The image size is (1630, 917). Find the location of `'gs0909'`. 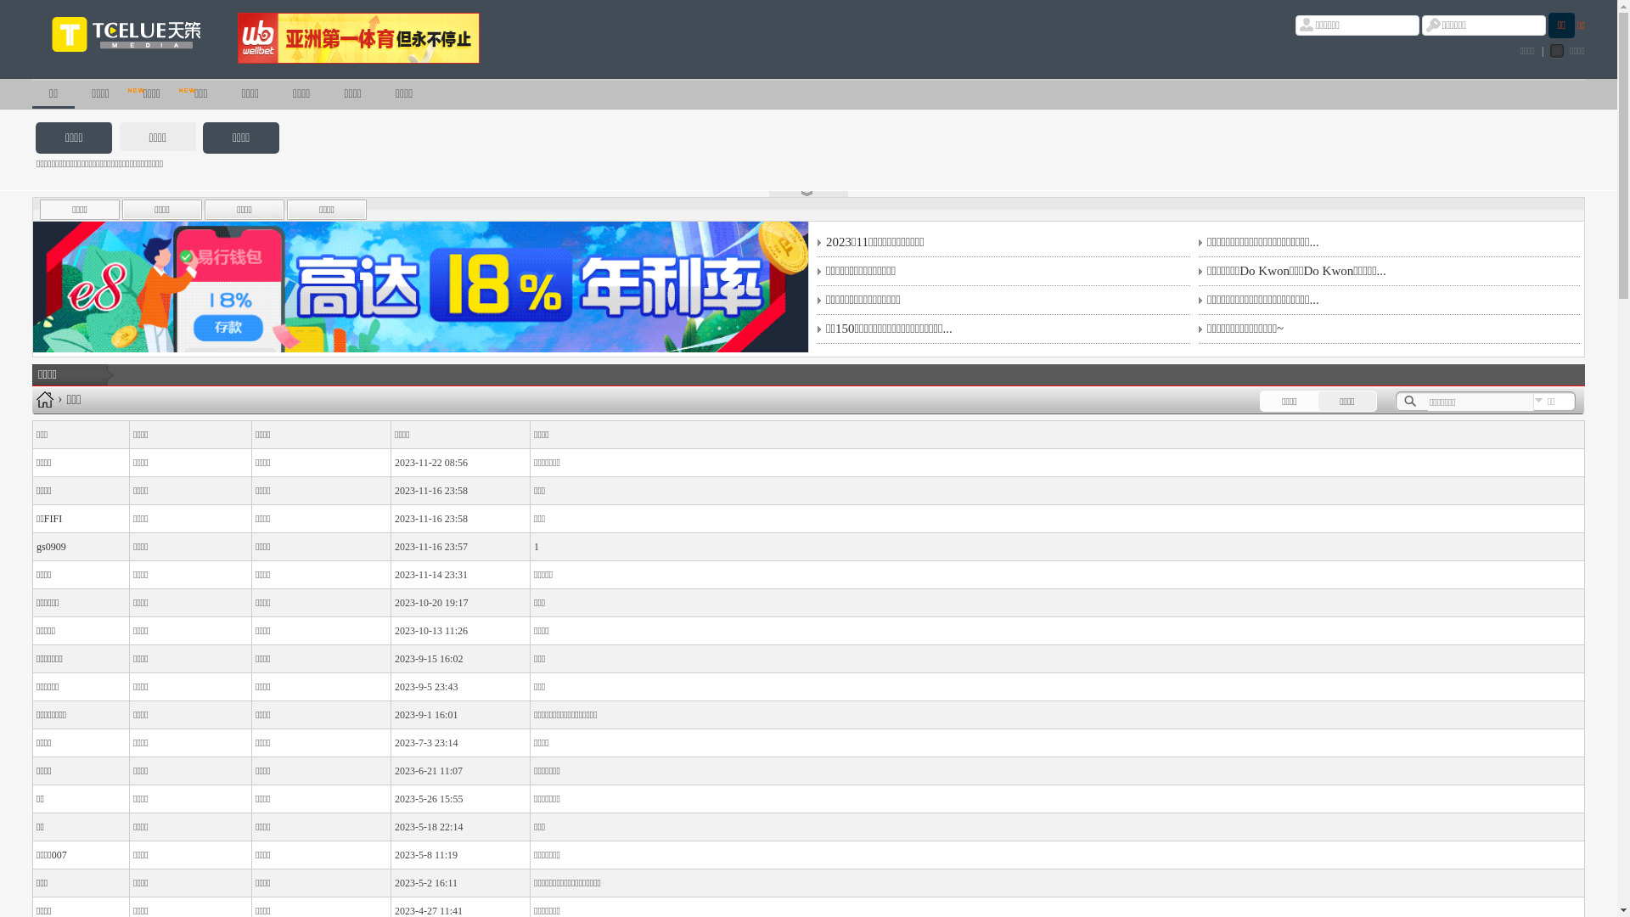

'gs0909' is located at coordinates (51, 547).